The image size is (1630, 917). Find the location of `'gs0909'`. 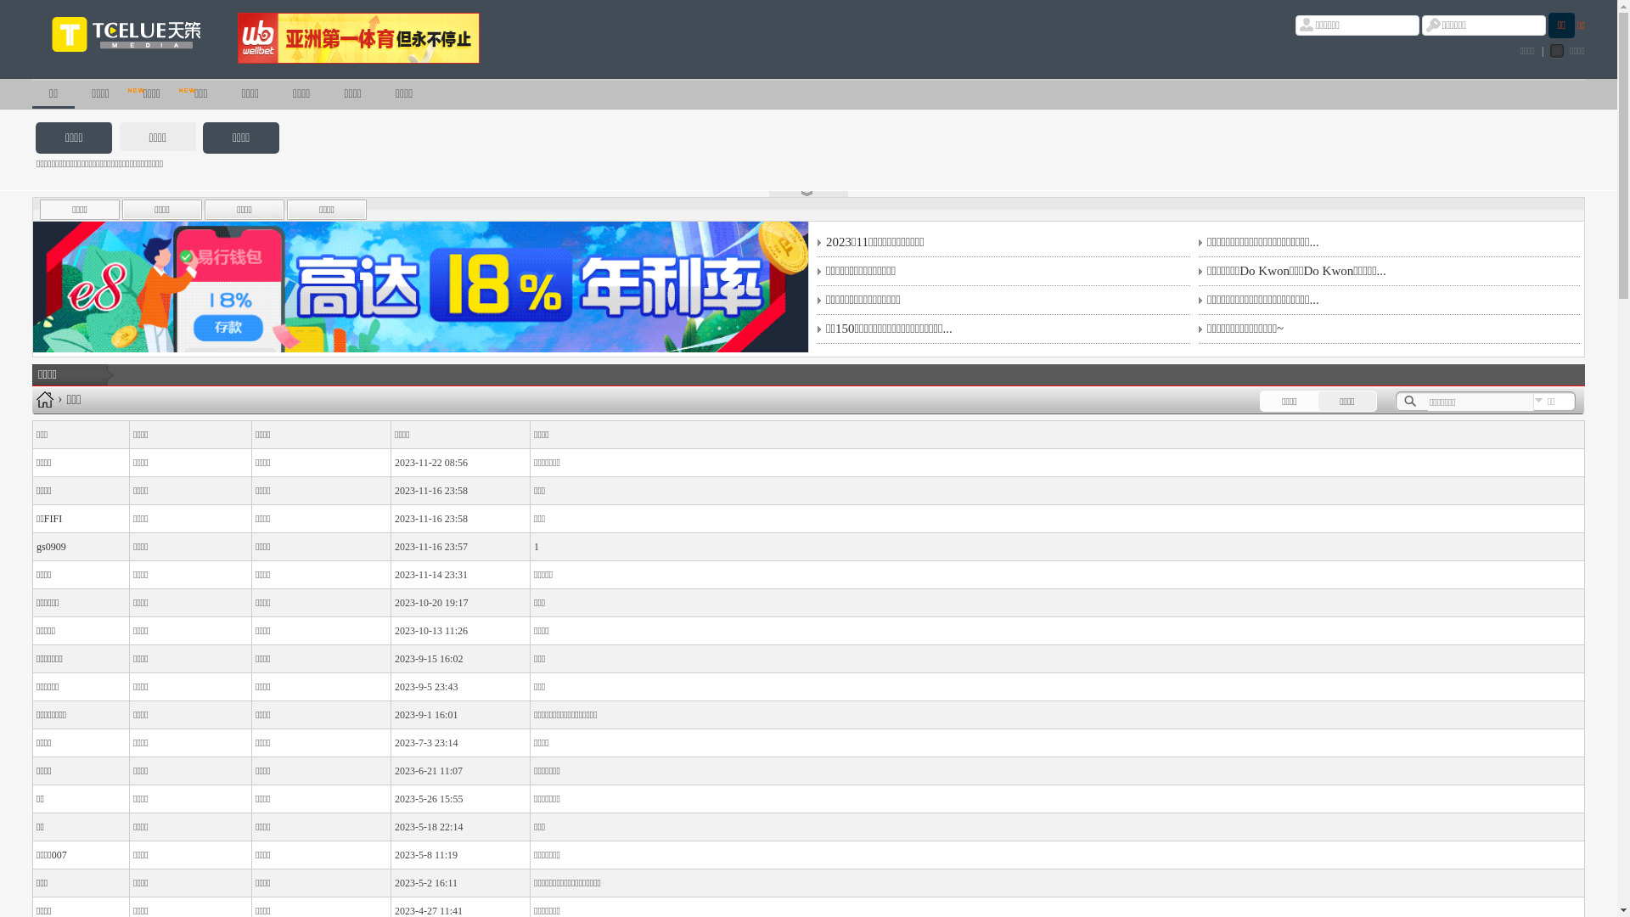

'gs0909' is located at coordinates (51, 547).